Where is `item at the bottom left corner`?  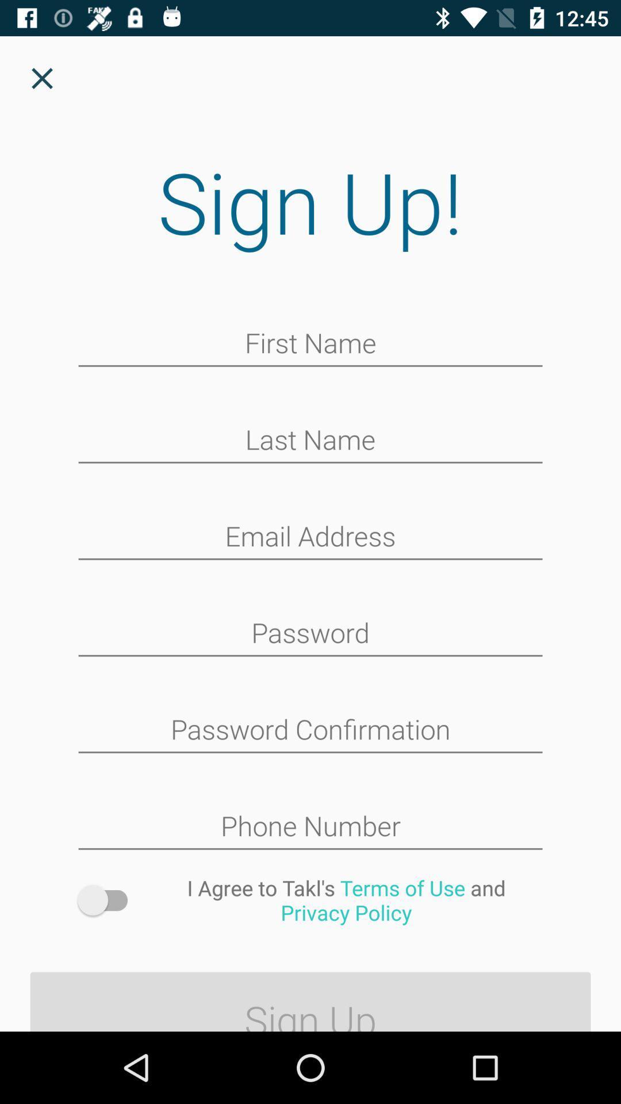
item at the bottom left corner is located at coordinates (108, 899).